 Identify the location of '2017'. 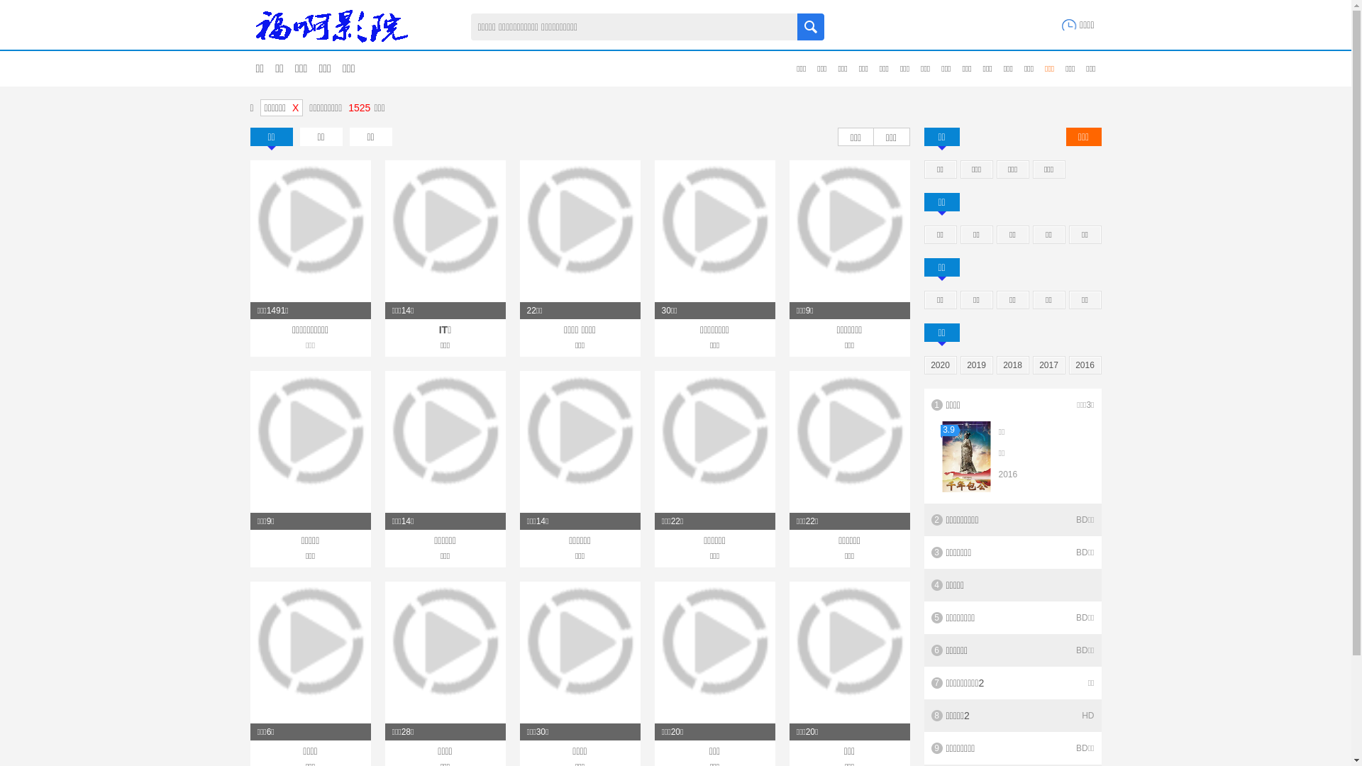
(1048, 365).